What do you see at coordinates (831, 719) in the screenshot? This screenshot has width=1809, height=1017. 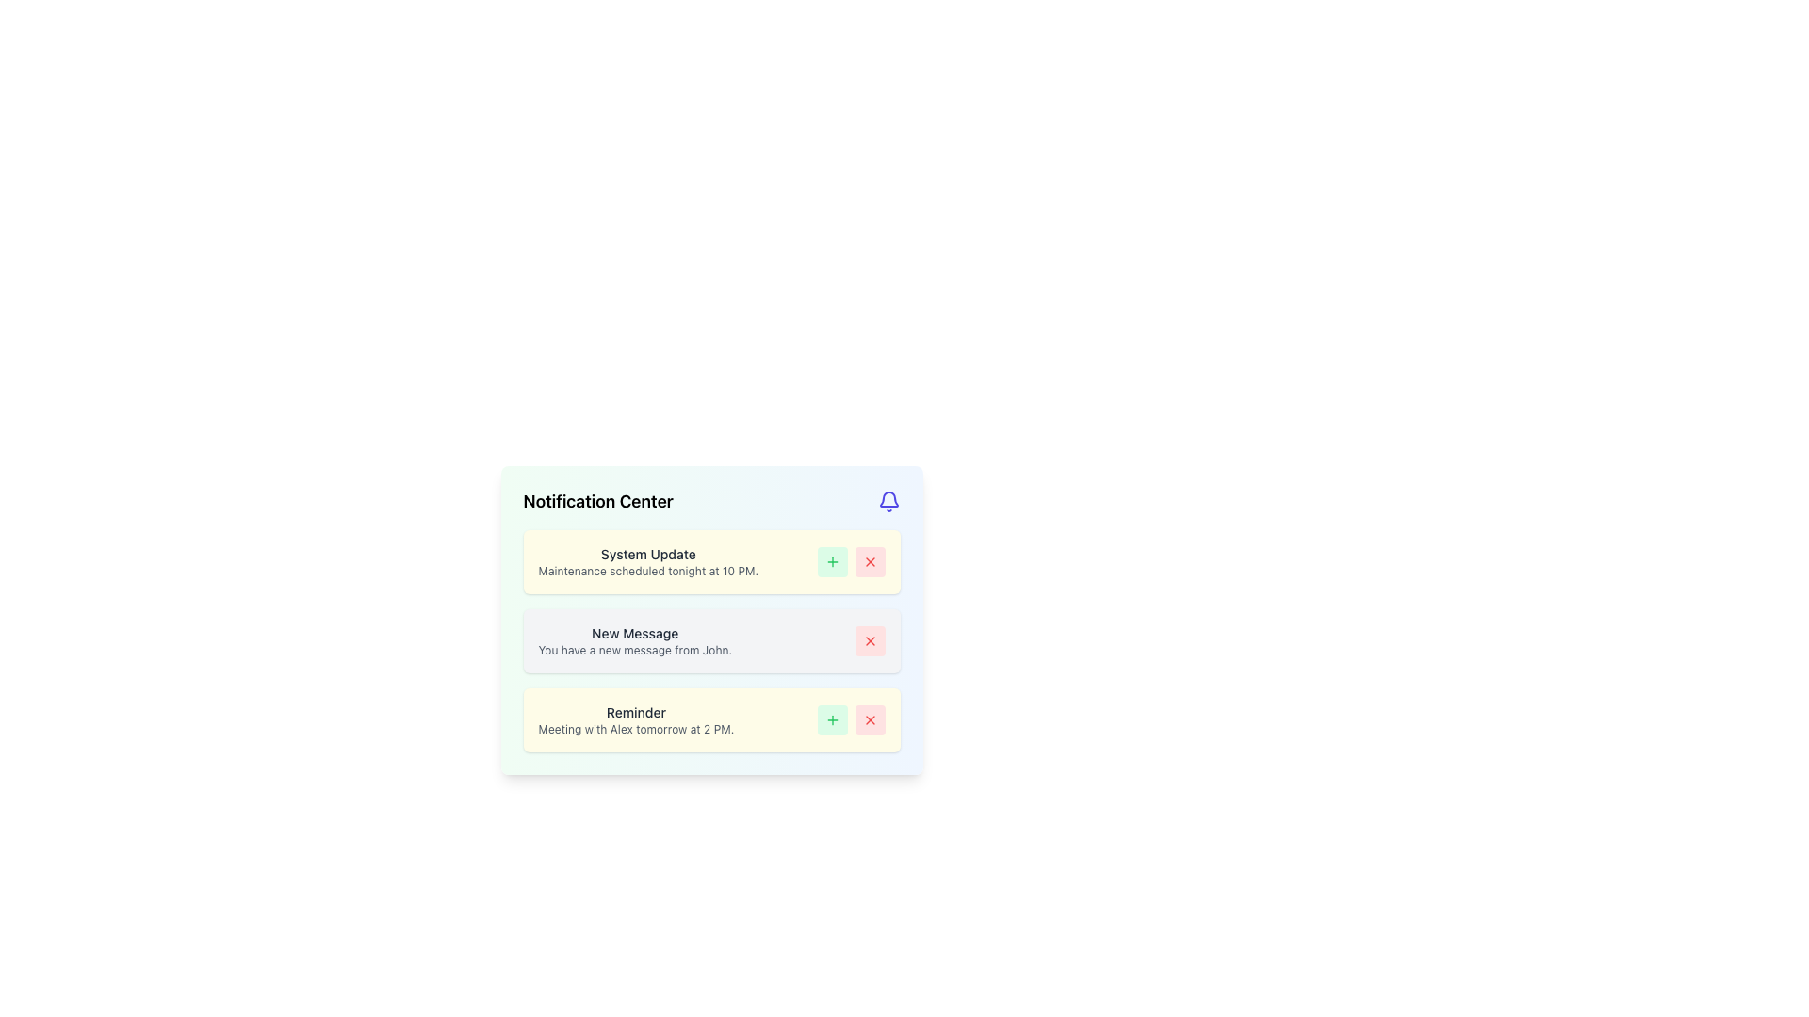 I see `the green rectangular button with rounded corners that contains a plus icon, located on the right side of the 'Reminder' notification` at bounding box center [831, 719].